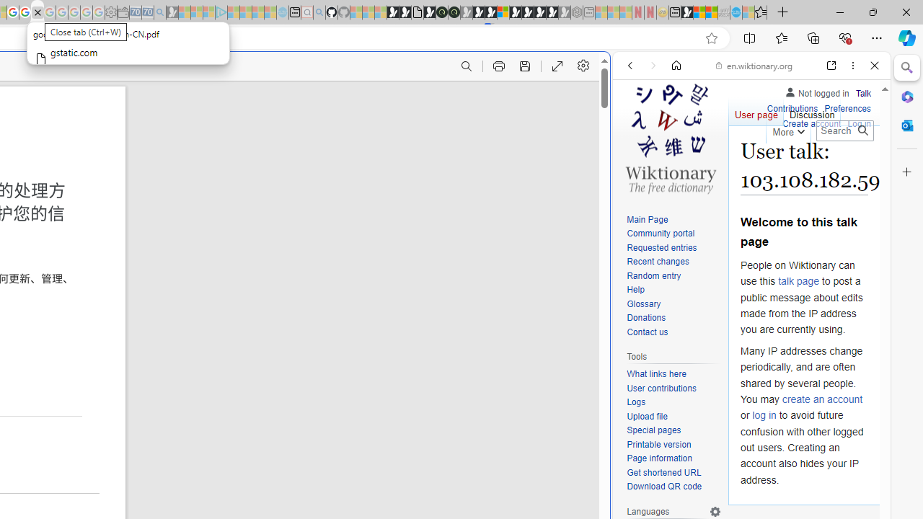 This screenshot has width=923, height=519. I want to click on 'log in', so click(763, 415).